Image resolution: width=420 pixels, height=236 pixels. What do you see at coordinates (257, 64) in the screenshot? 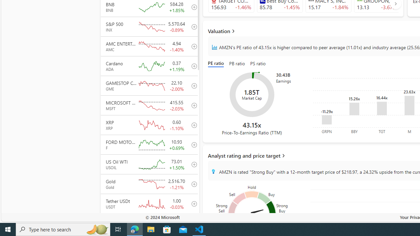
I see `'PS ratio'` at bounding box center [257, 64].